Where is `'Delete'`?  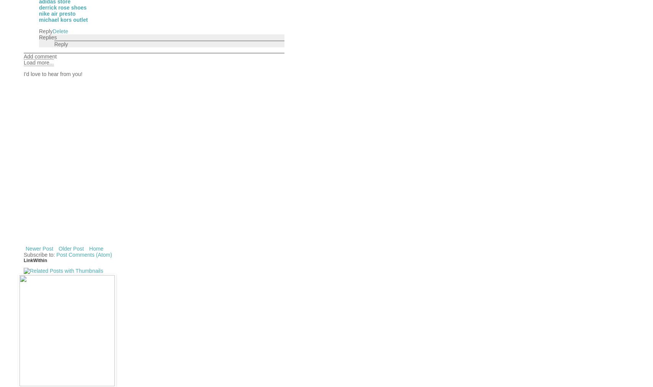
'Delete' is located at coordinates (60, 31).